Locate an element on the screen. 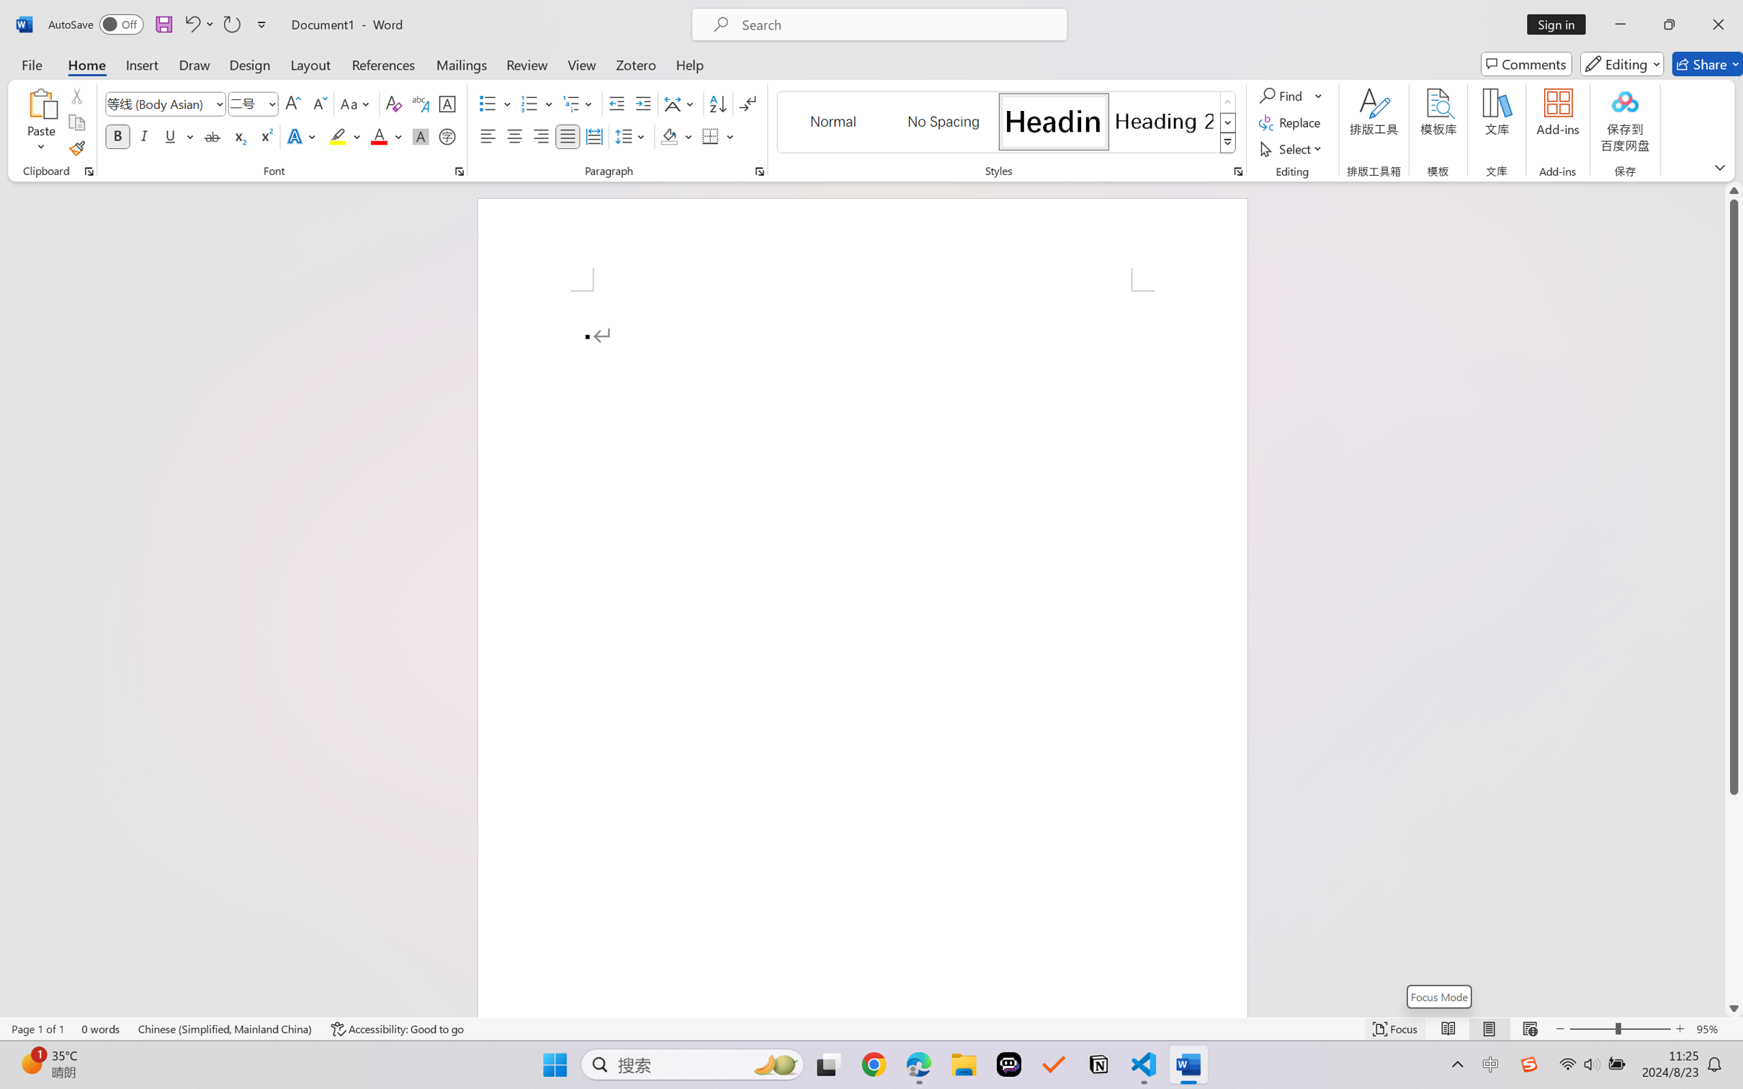  'Undo Apply Quick Style' is located at coordinates (191, 24).